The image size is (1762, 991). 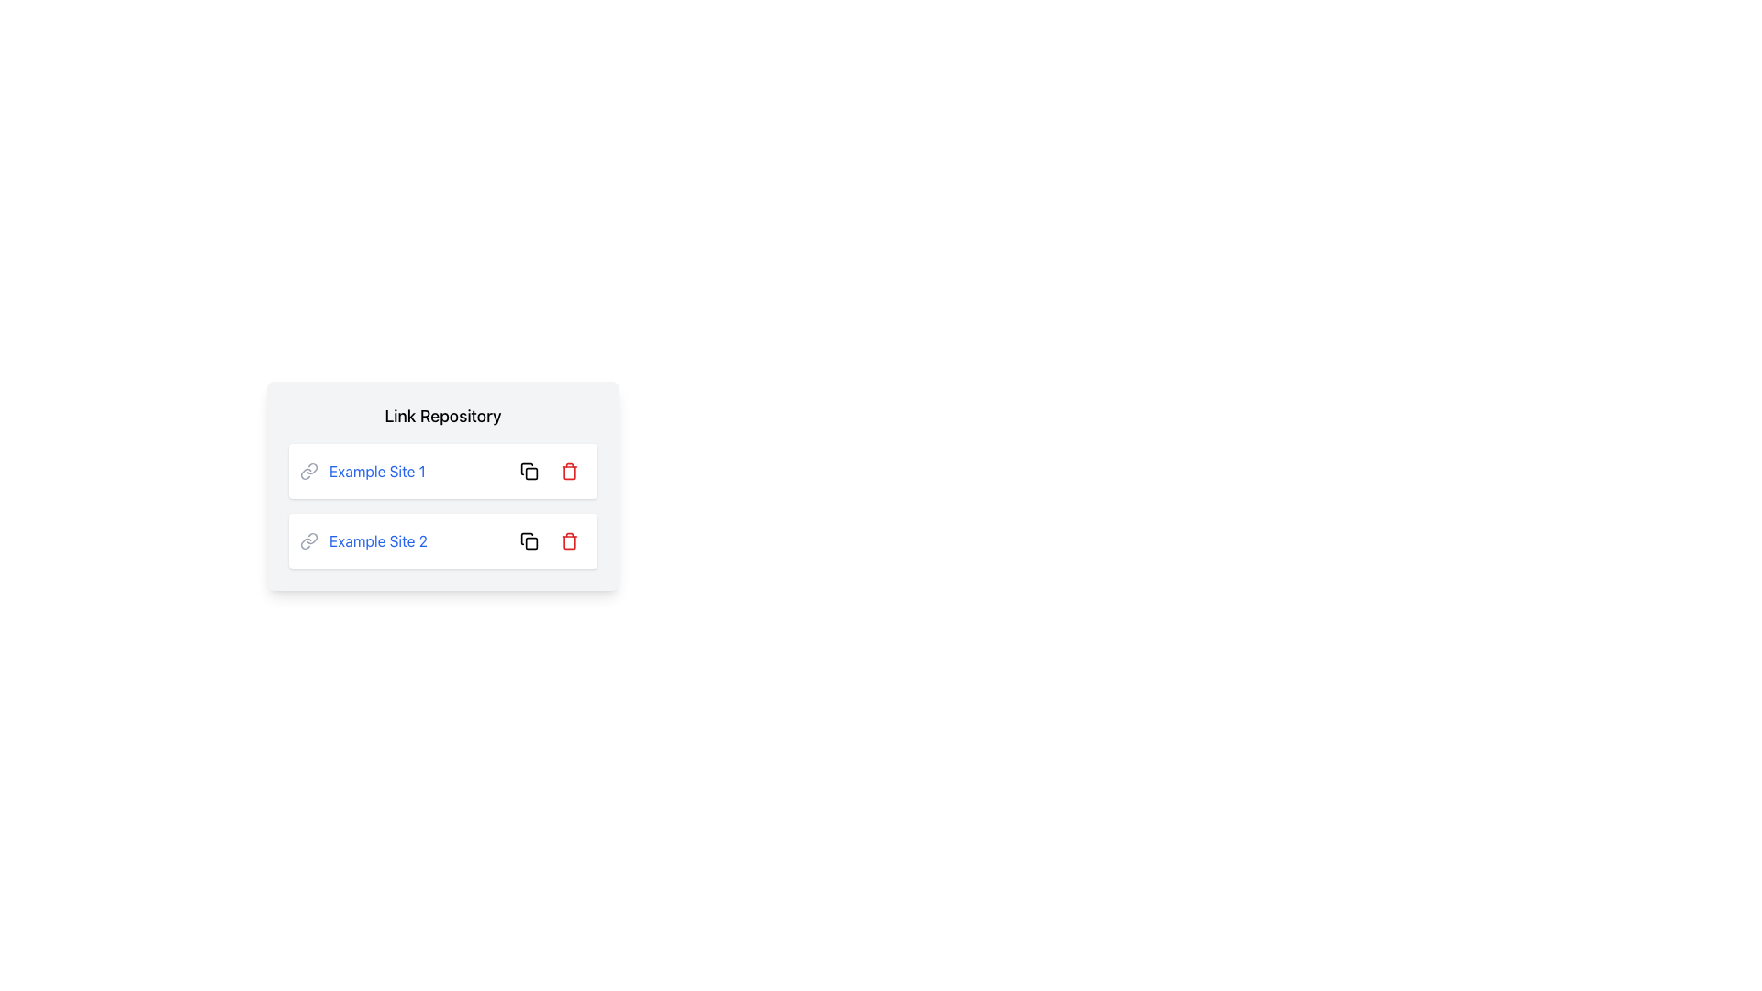 What do you see at coordinates (443, 540) in the screenshot?
I see `the second list item containing a blue hyperlink labeled 'Example Site 2' for hover effects` at bounding box center [443, 540].